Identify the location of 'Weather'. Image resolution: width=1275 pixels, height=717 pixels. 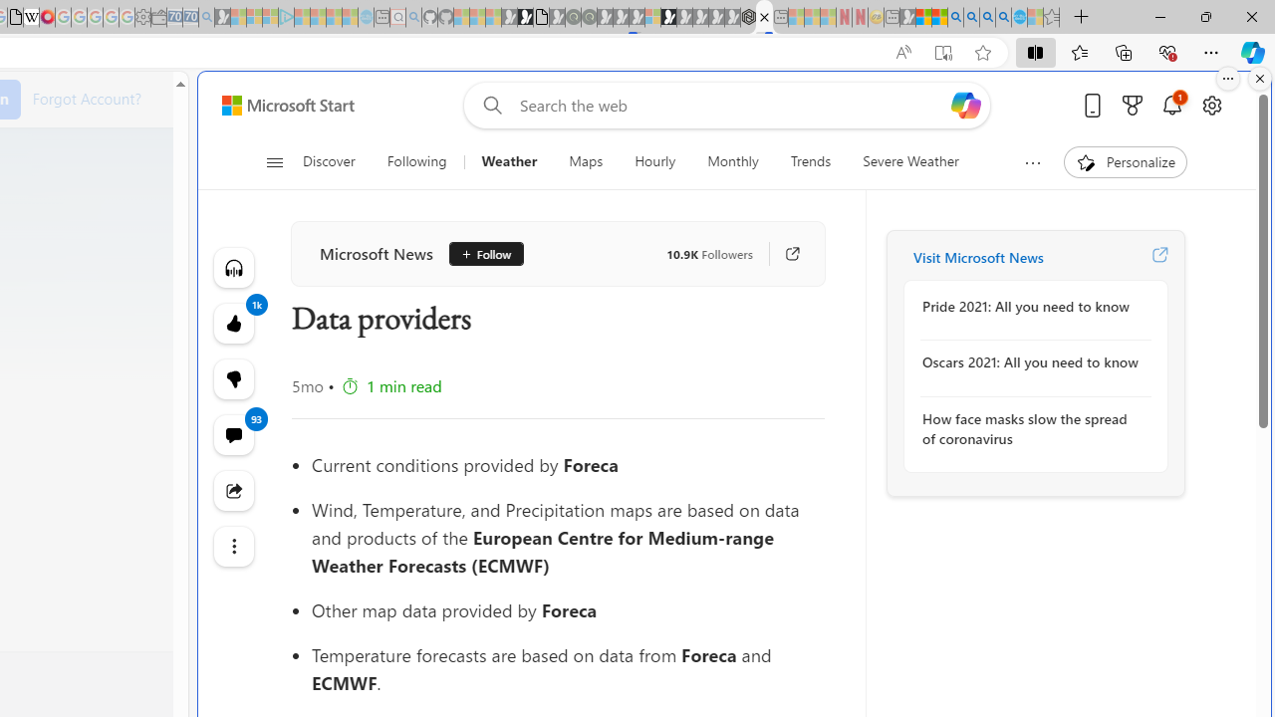
(509, 161).